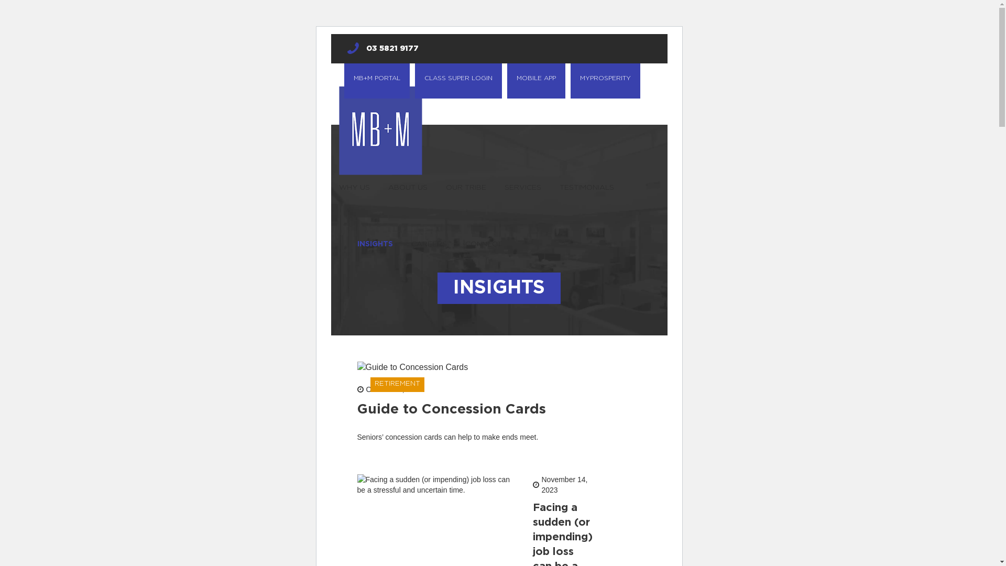  What do you see at coordinates (458, 80) in the screenshot?
I see `'CLASS SUPER LOGIN'` at bounding box center [458, 80].